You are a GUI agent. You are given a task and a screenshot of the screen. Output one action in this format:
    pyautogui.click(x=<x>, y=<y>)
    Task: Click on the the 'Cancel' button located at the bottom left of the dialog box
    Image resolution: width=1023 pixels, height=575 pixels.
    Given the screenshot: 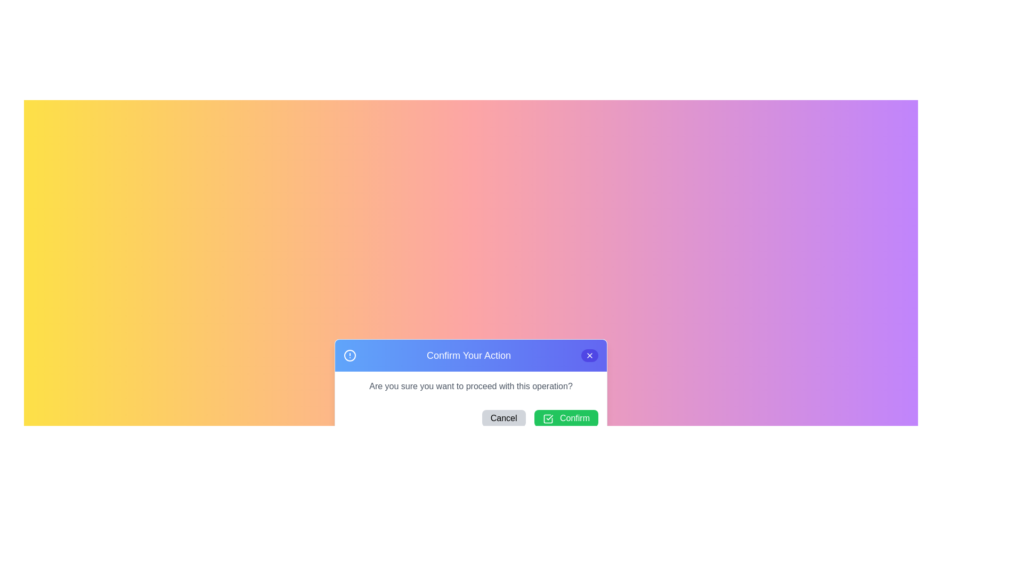 What is the action you would take?
    pyautogui.click(x=503, y=418)
    